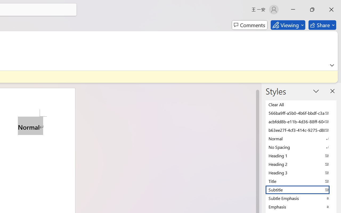 The width and height of the screenshot is (341, 213). Describe the element at coordinates (301, 181) in the screenshot. I see `'Title'` at that location.